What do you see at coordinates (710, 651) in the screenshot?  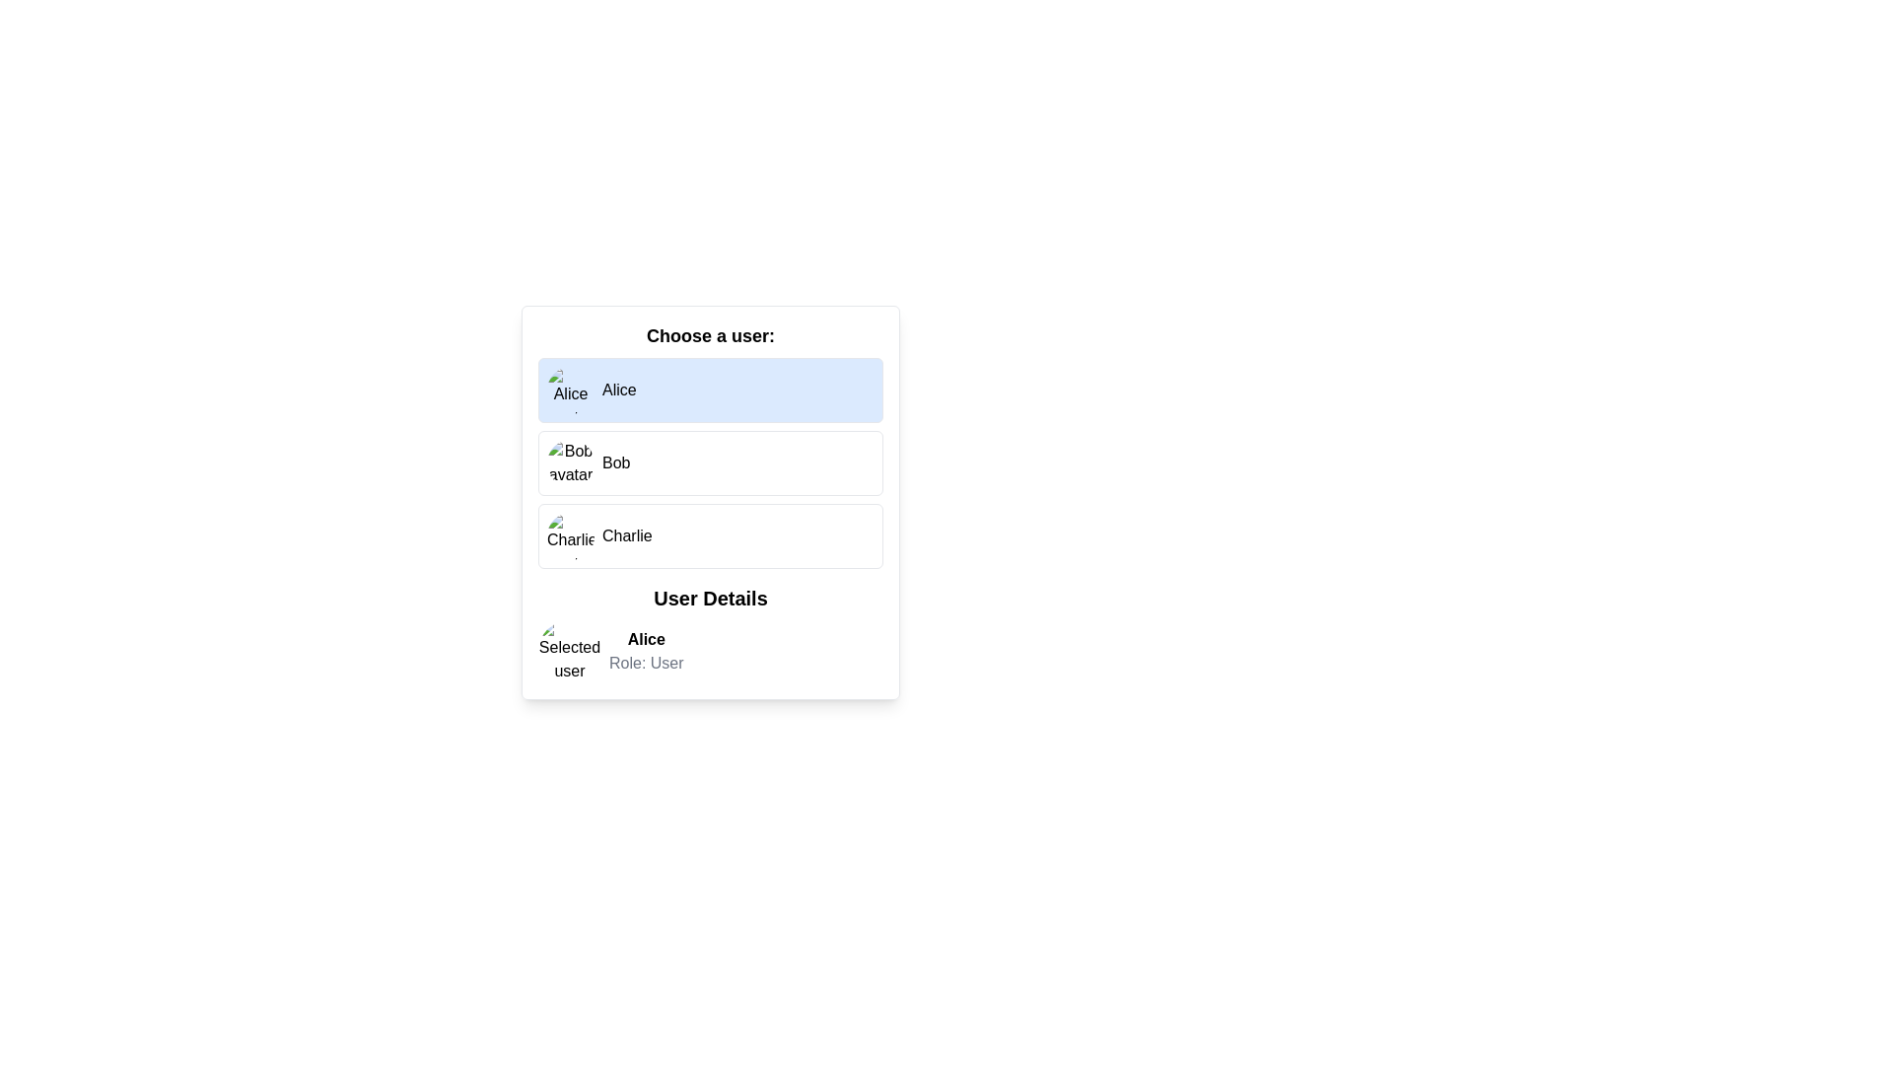 I see `the Information display element containing a circular avatar labeled 'Selected user' with the name 'Alice' and subtitle 'Role: User'` at bounding box center [710, 651].